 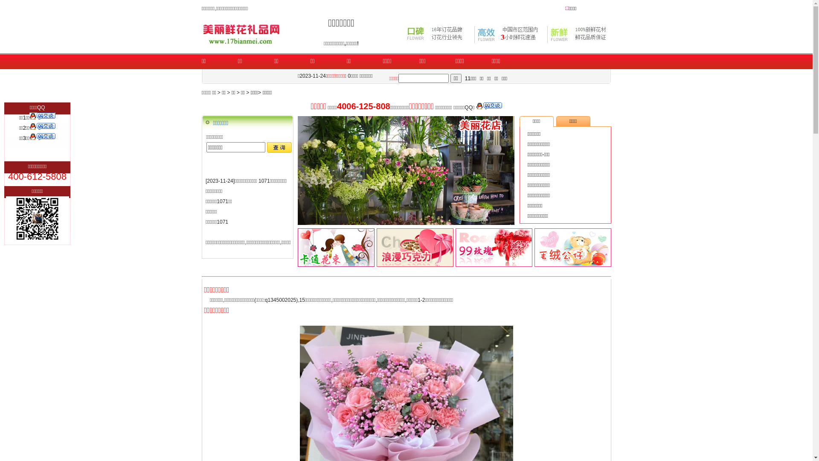 I want to click on 'QQ:1345002025', so click(x=29, y=128).